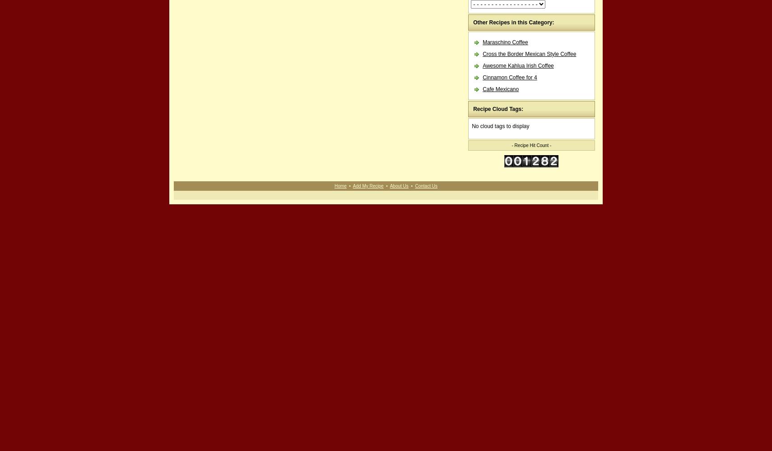  I want to click on 'Home', so click(340, 186).